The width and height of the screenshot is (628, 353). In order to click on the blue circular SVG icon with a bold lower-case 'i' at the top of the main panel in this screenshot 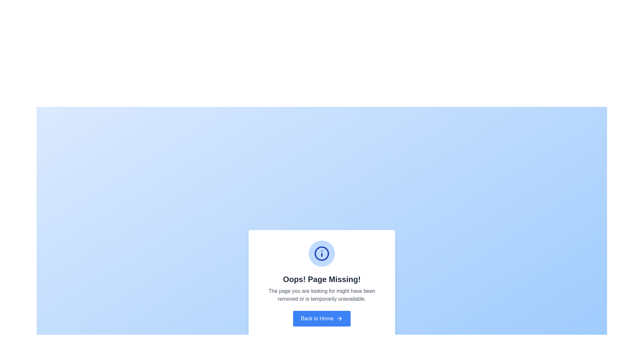, I will do `click(322, 253)`.